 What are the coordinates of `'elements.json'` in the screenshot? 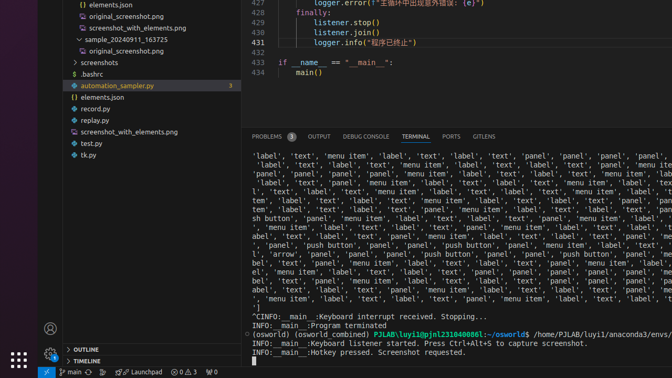 It's located at (151, 97).